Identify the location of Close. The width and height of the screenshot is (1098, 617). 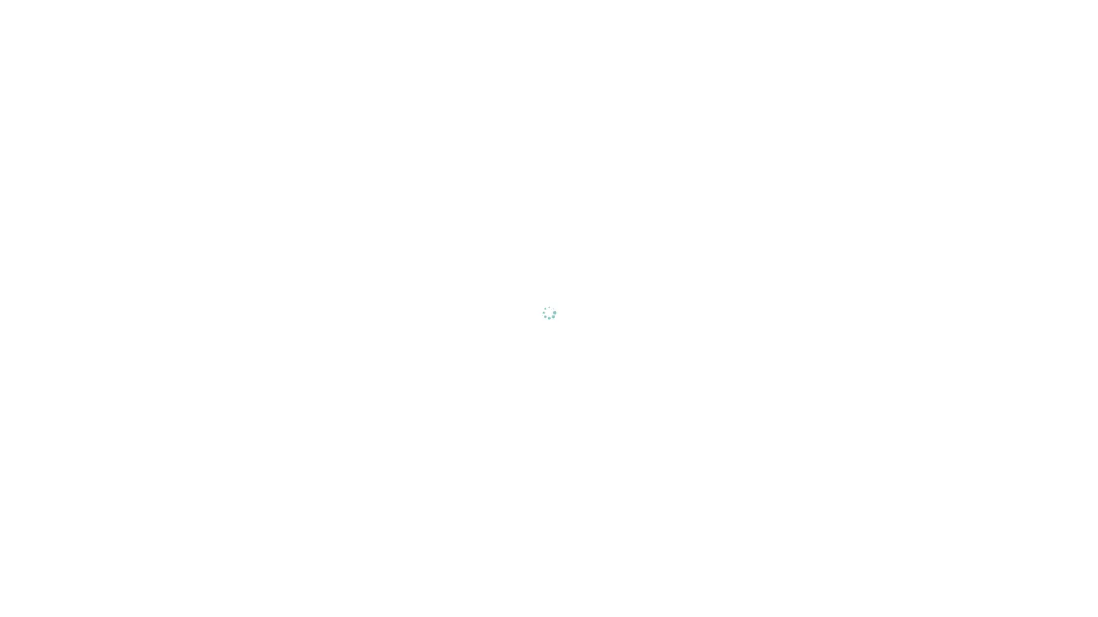
(722, 75).